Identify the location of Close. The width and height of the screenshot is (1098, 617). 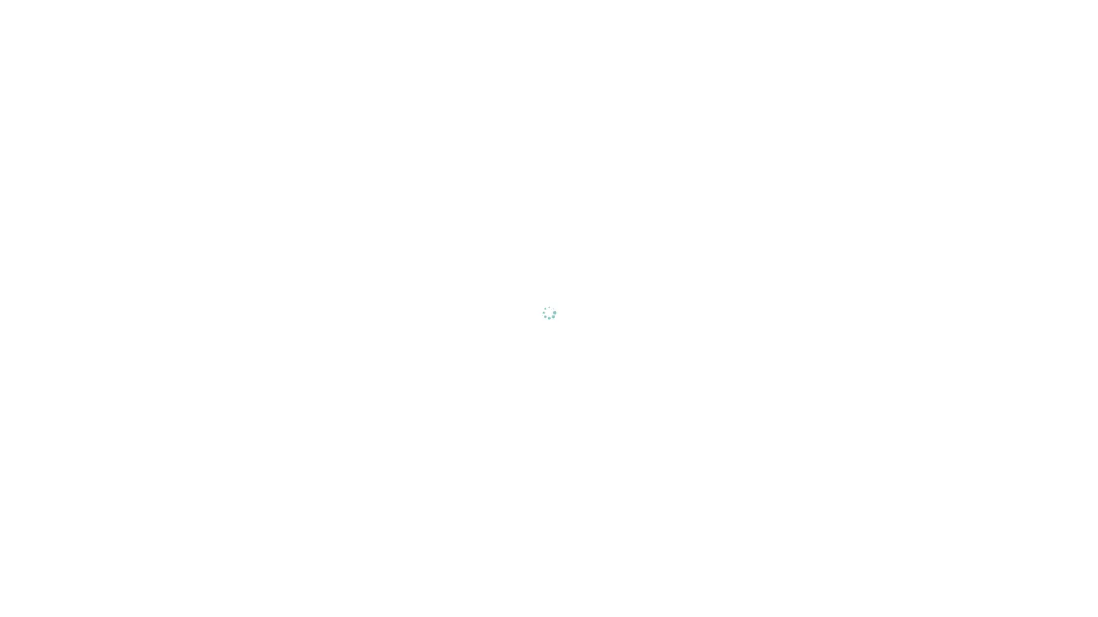
(722, 75).